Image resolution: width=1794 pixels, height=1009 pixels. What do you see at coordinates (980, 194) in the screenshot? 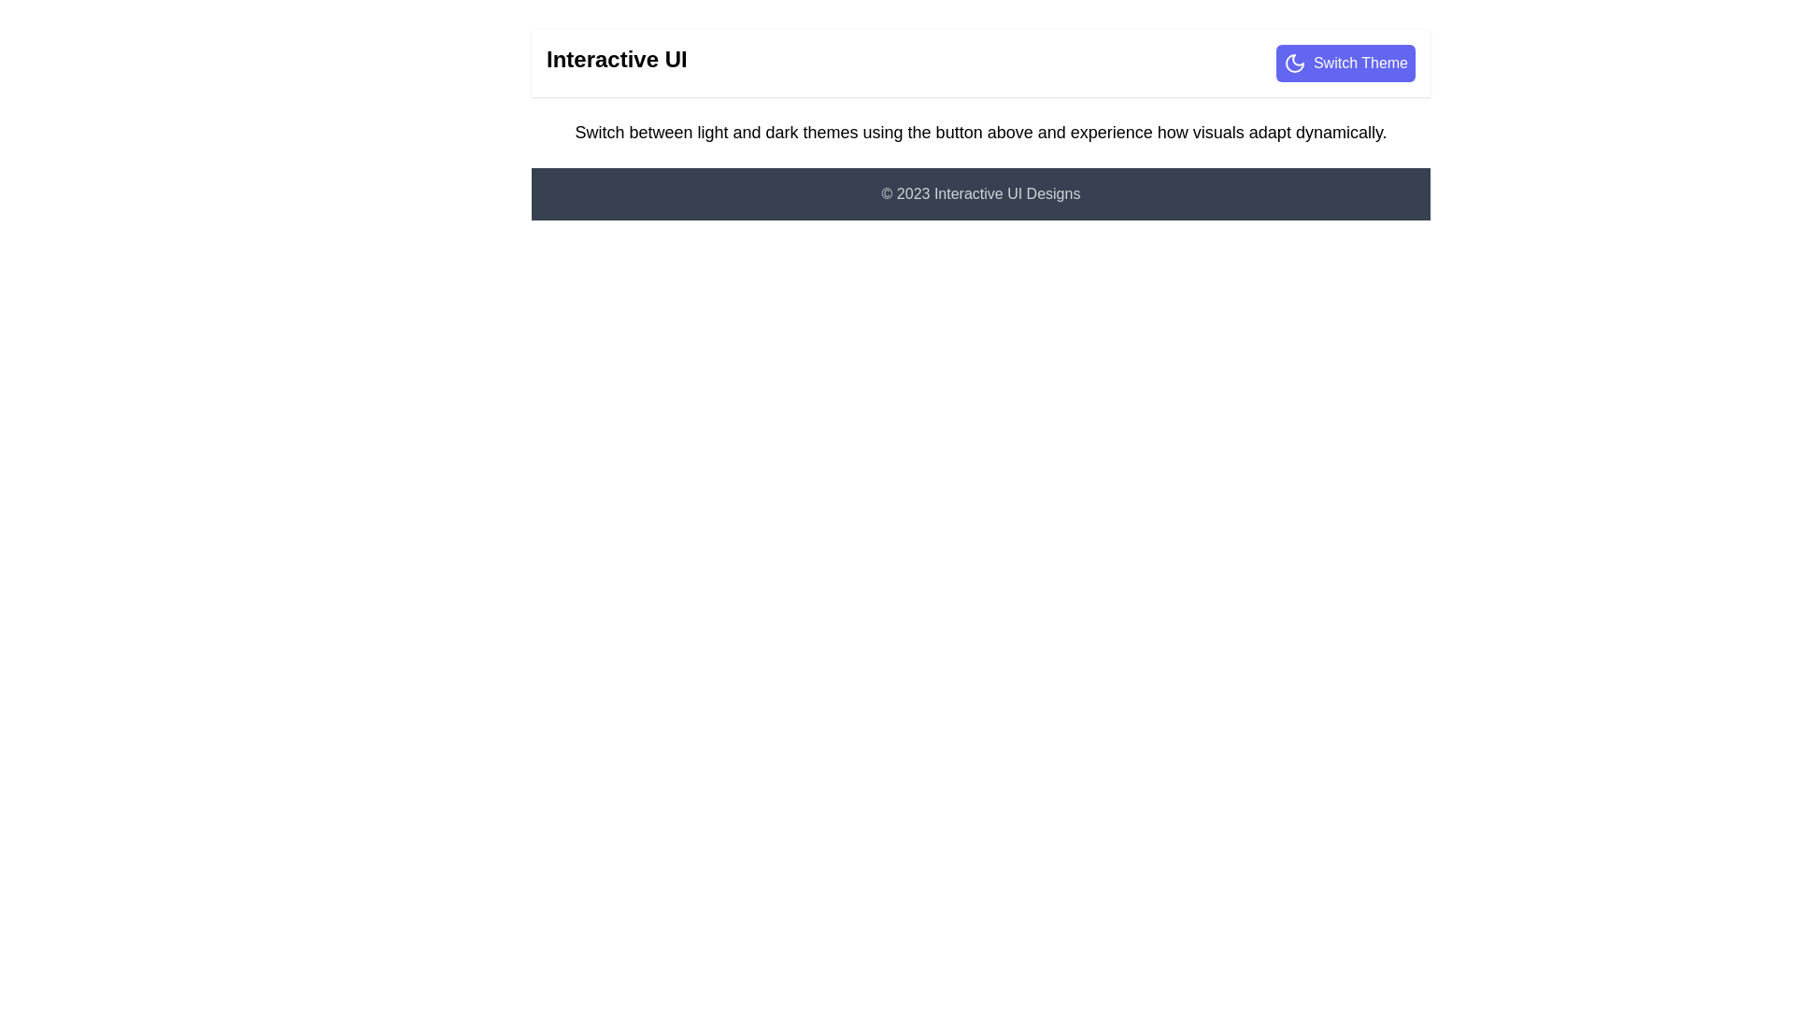
I see `the static footer text displaying '© 2023 Interactive UI Designs' which is centered in a dark gray background` at bounding box center [980, 194].